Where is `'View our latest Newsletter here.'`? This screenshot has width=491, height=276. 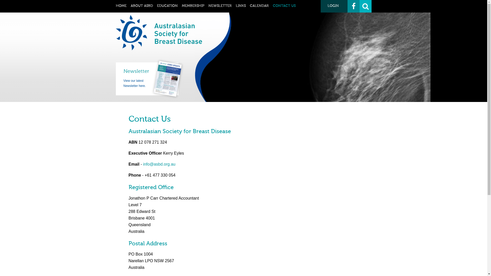
'View our latest Newsletter here.' is located at coordinates (134, 83).